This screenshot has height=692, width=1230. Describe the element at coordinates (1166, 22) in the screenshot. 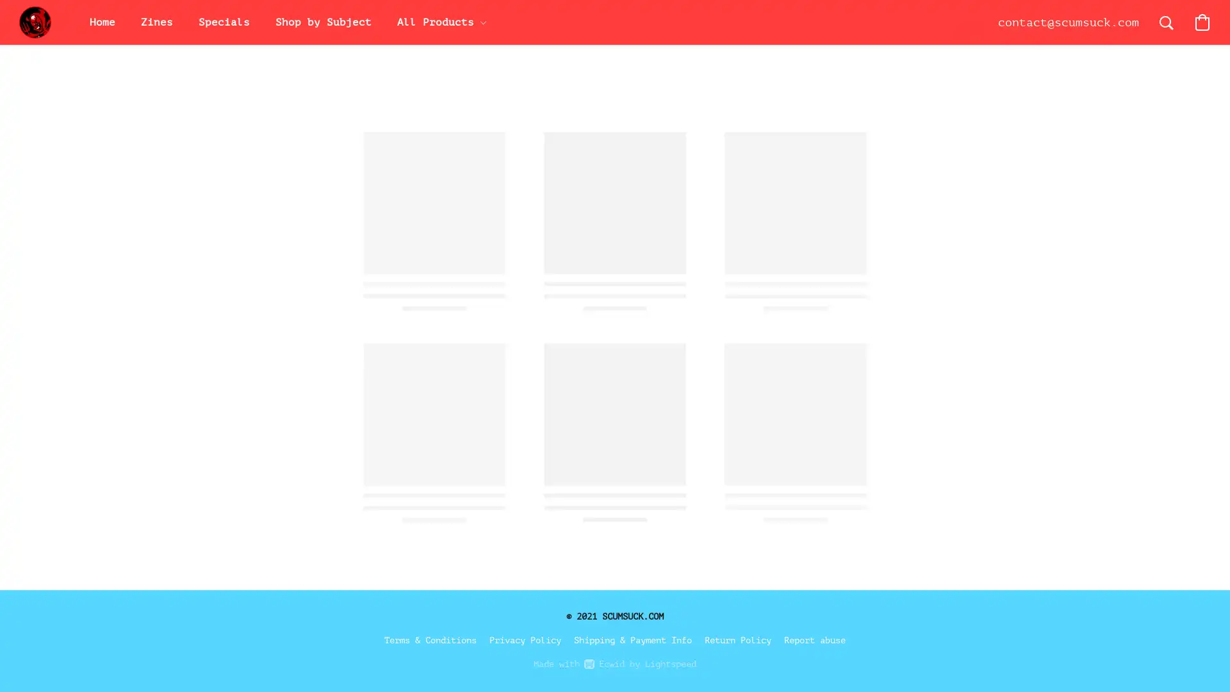

I see `Search the website` at that location.